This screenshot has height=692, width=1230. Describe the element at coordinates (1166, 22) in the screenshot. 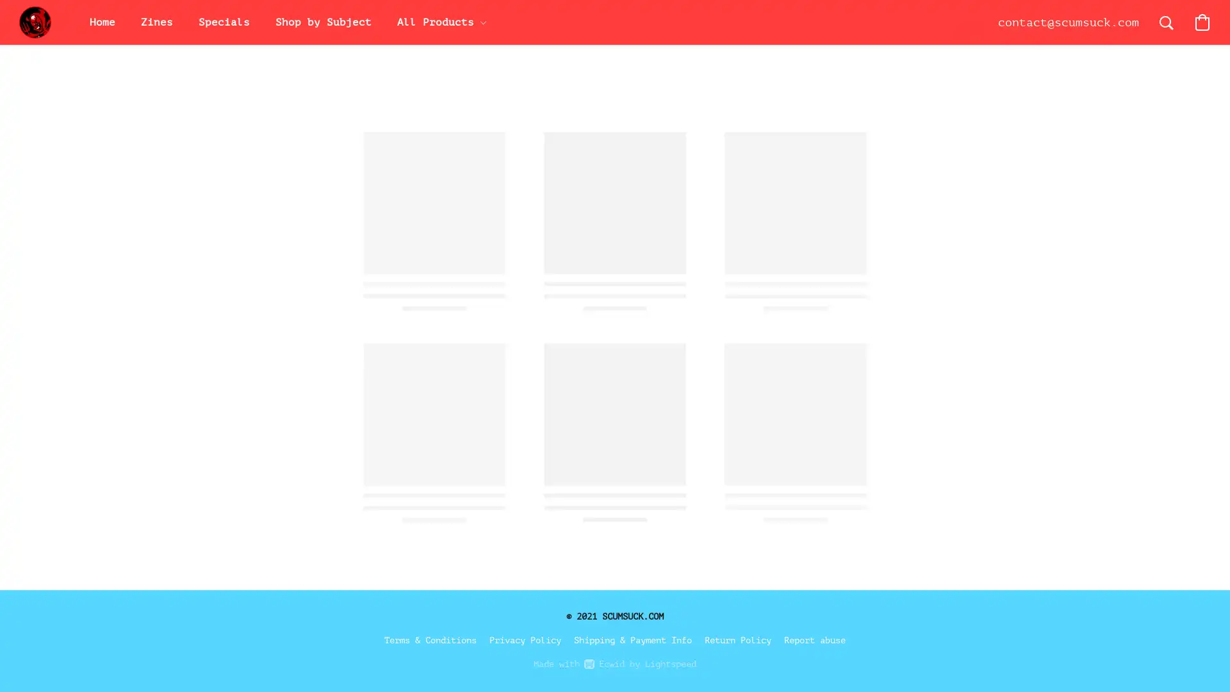

I see `Search the website` at that location.